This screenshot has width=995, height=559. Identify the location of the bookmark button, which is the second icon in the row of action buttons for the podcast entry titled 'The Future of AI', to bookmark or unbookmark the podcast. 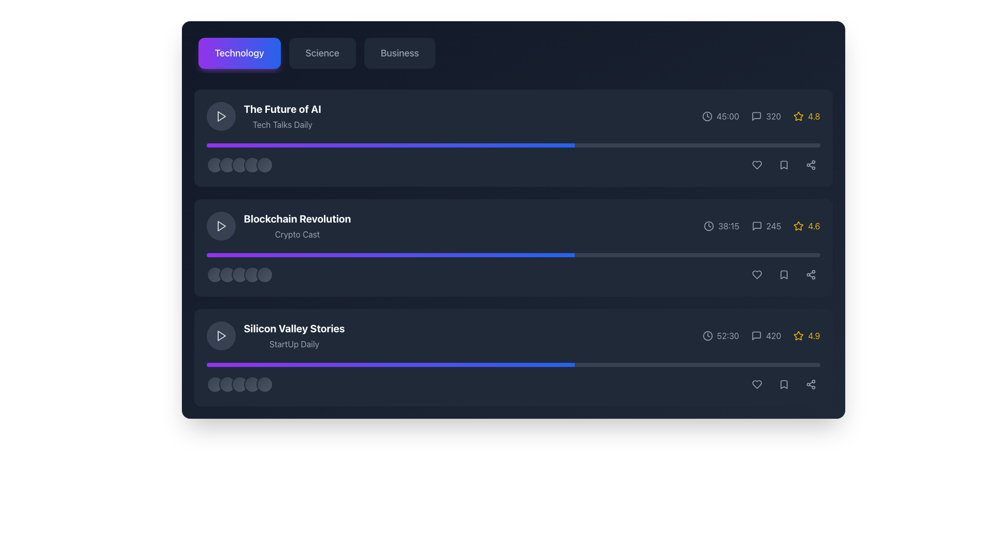
(784, 165).